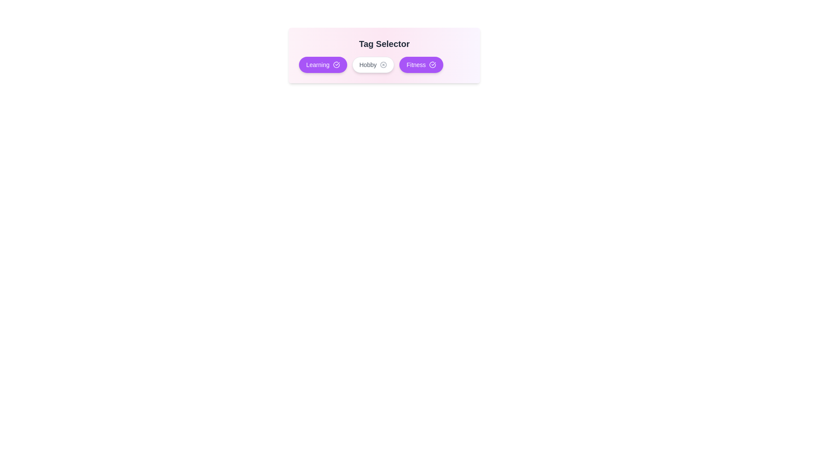 Image resolution: width=820 pixels, height=461 pixels. I want to click on the tag labeled Fitness to toggle its active state, so click(421, 64).